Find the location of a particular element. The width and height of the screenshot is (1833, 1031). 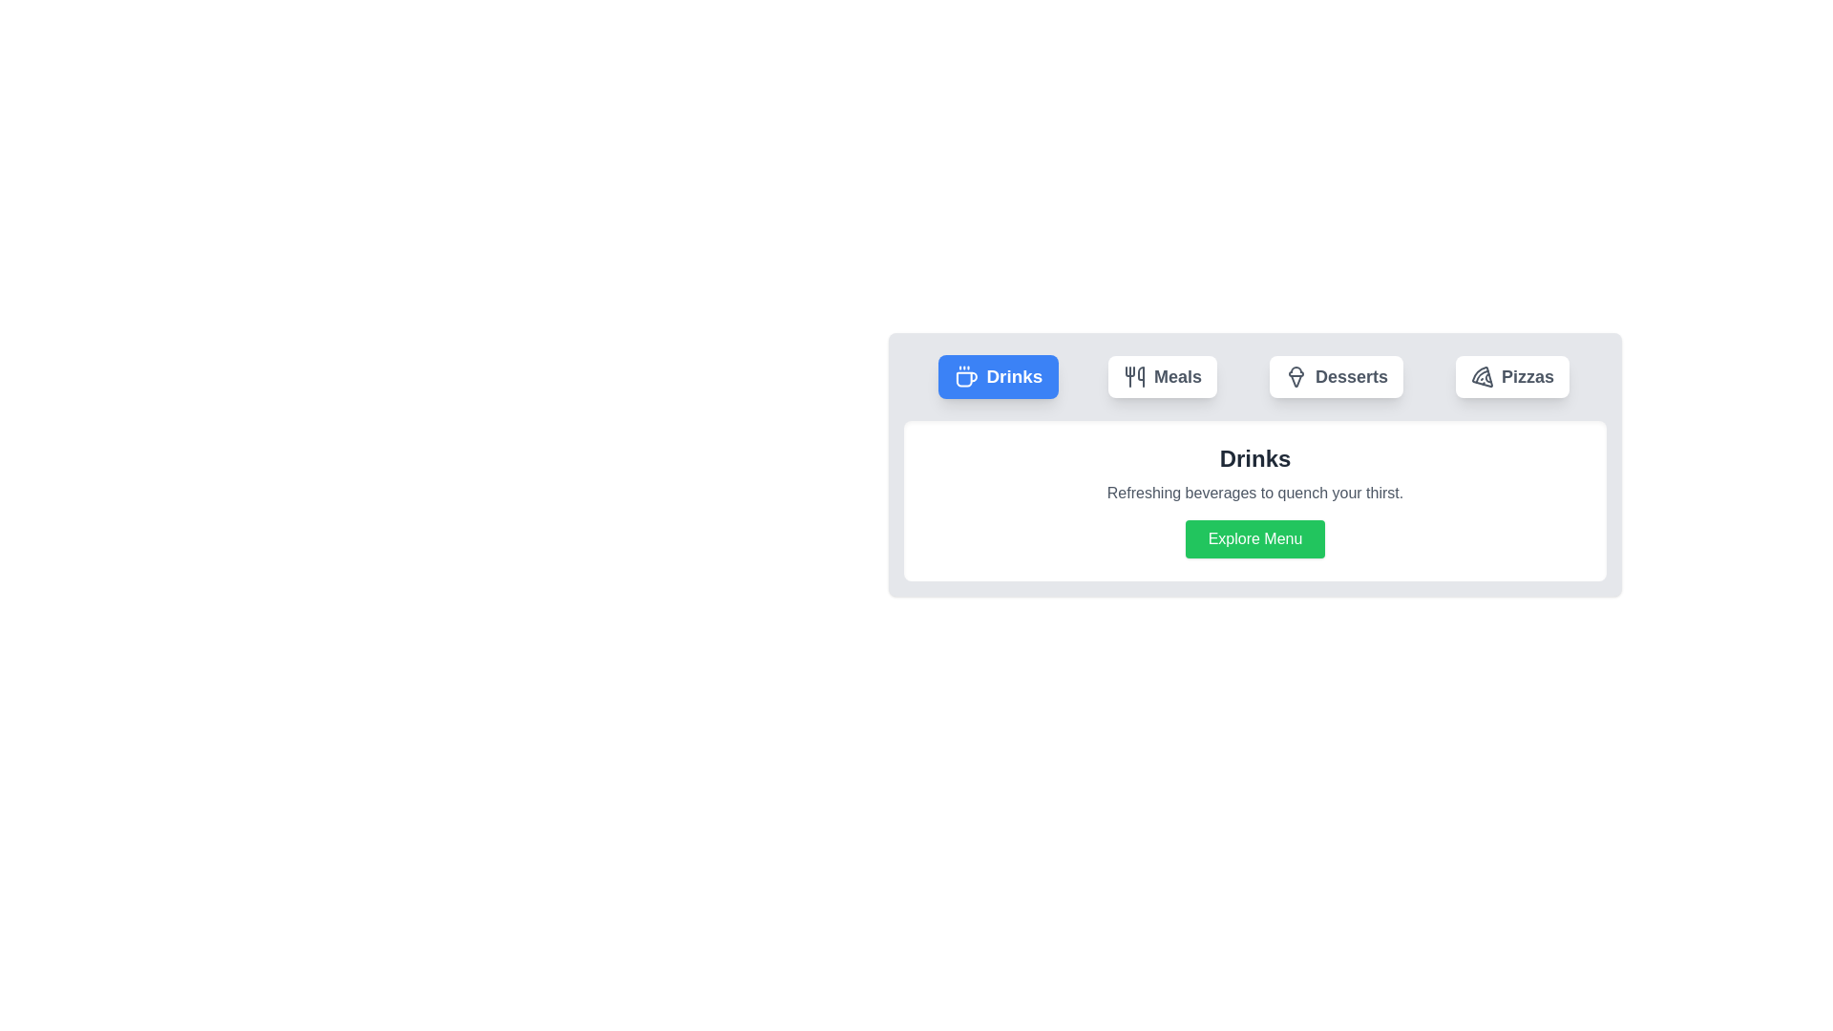

the 'Pizzas' tab button is located at coordinates (1511, 376).